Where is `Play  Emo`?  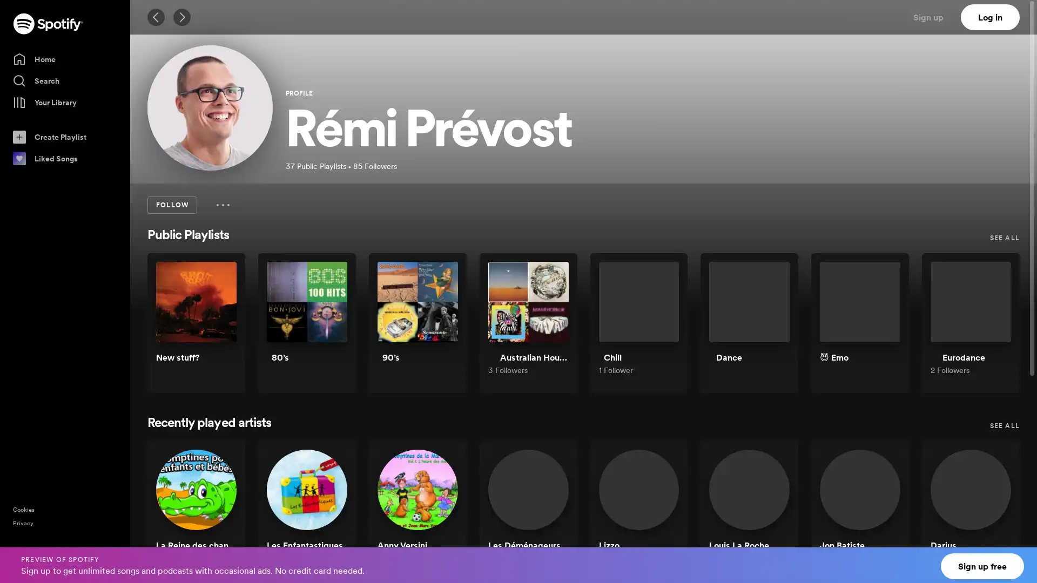 Play  Emo is located at coordinates (883, 328).